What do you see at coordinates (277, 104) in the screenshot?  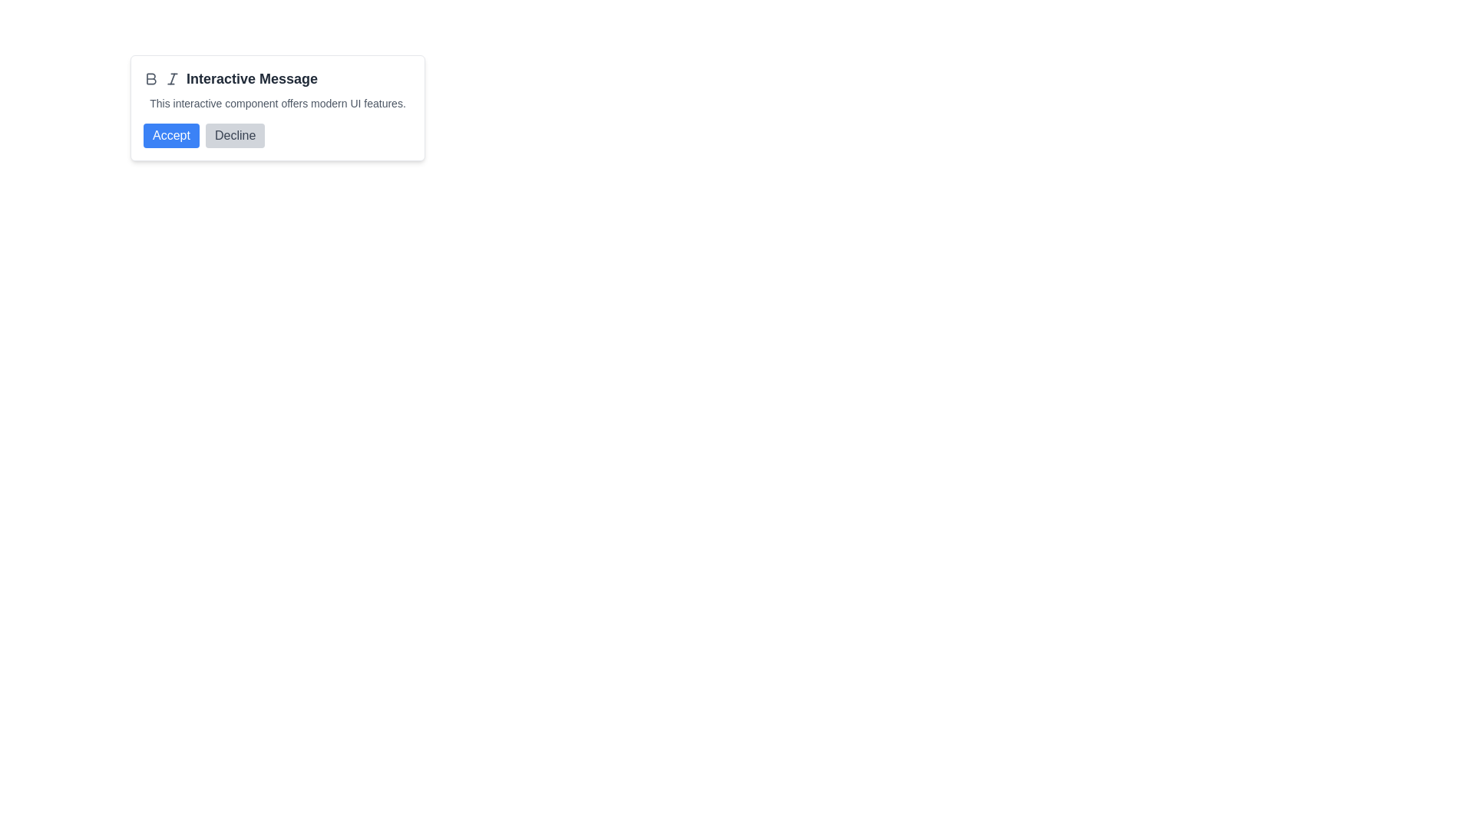 I see `non-interactive text label located under the heading 'Interactive Message', which provides contextual information related to the message above` at bounding box center [277, 104].